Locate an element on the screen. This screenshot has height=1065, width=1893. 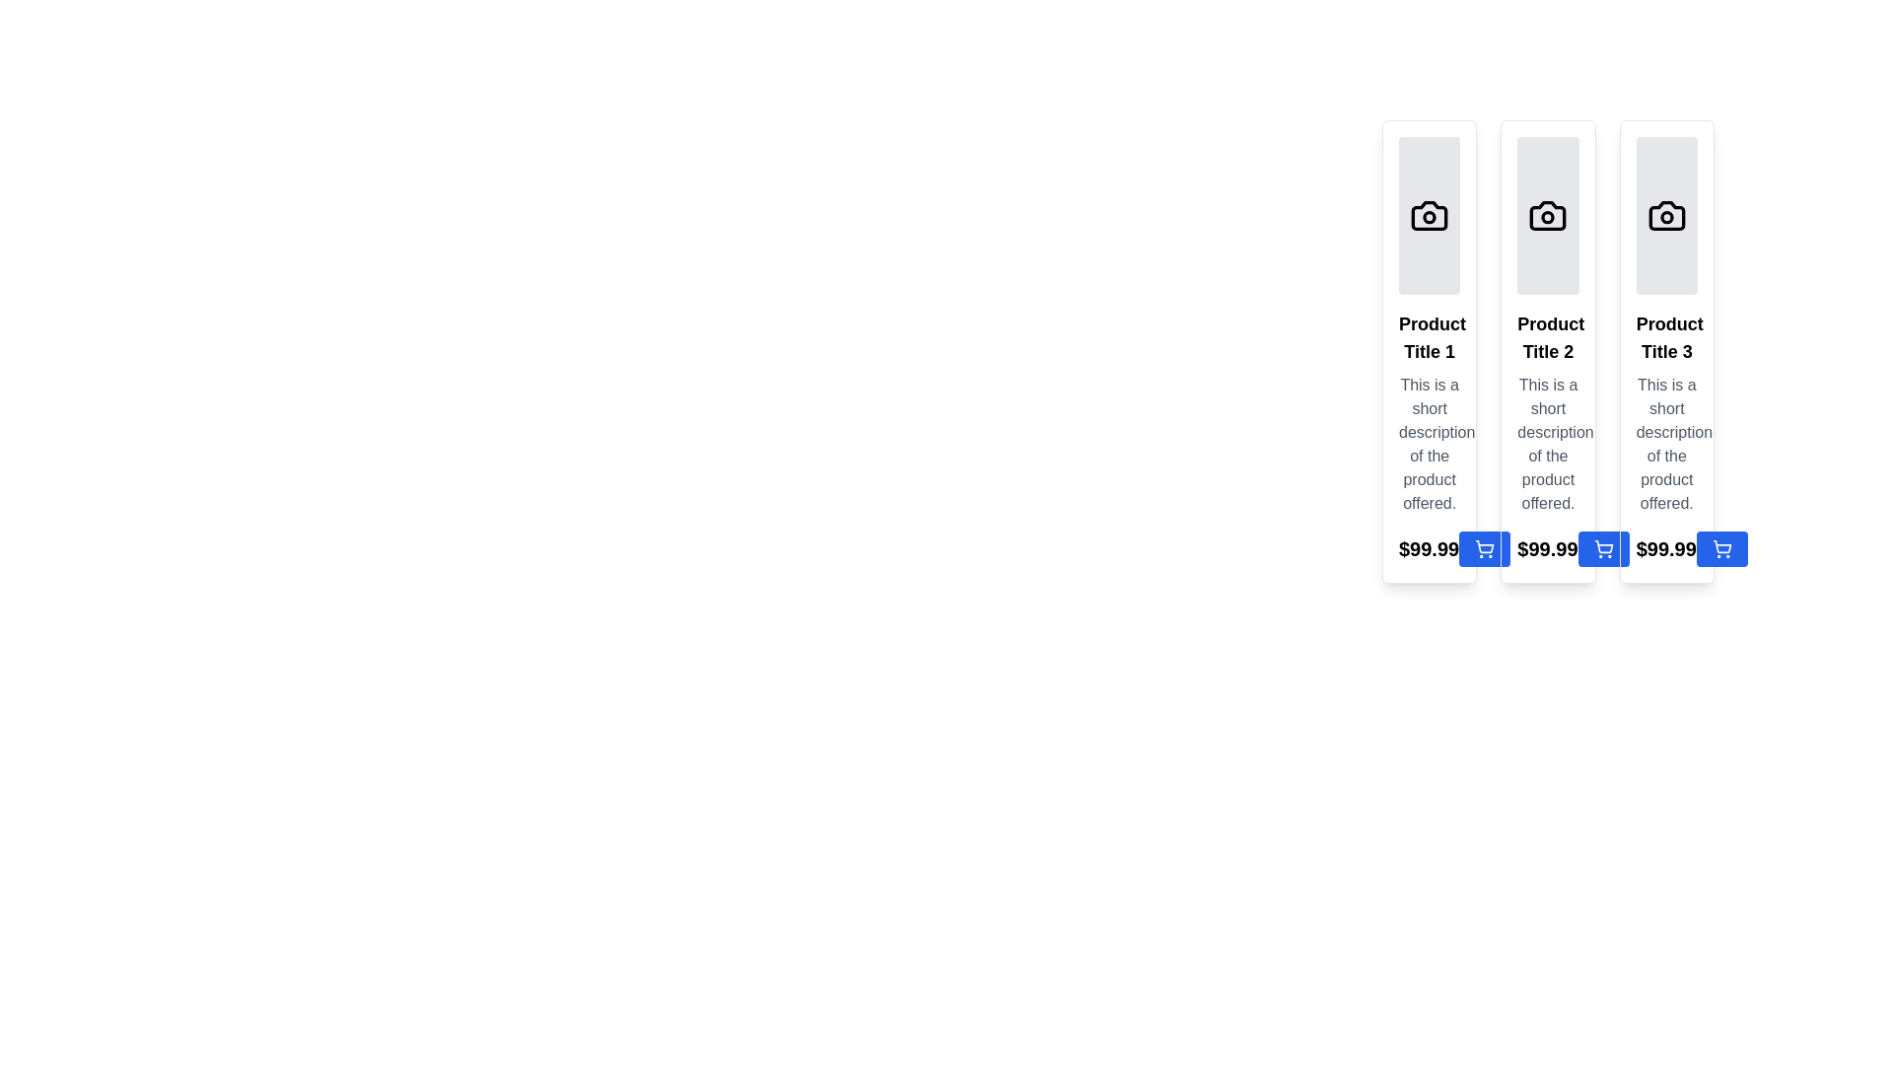
the decorative circle within the camera icon of the first product card titled 'Product Title 1', which is the second rendered element in the SVG graphic is located at coordinates (1430, 217).